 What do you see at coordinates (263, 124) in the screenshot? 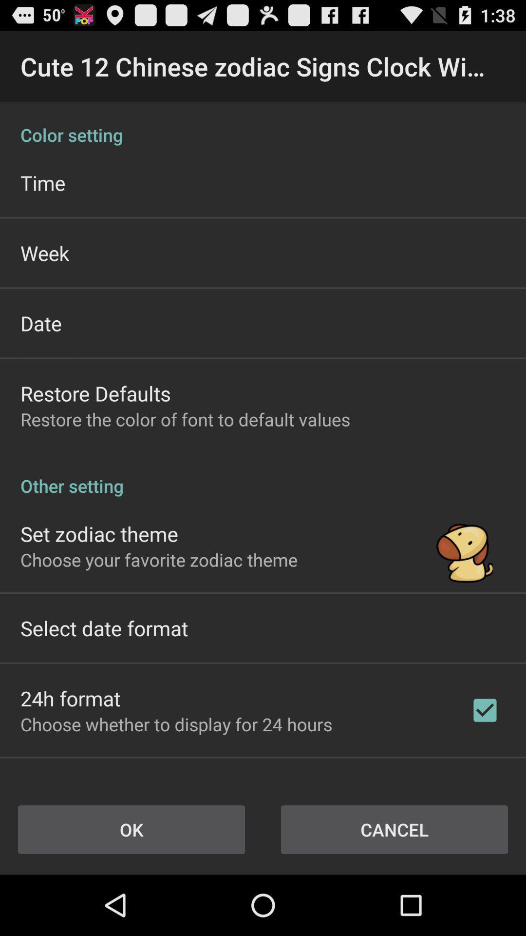
I see `the color setting icon` at bounding box center [263, 124].